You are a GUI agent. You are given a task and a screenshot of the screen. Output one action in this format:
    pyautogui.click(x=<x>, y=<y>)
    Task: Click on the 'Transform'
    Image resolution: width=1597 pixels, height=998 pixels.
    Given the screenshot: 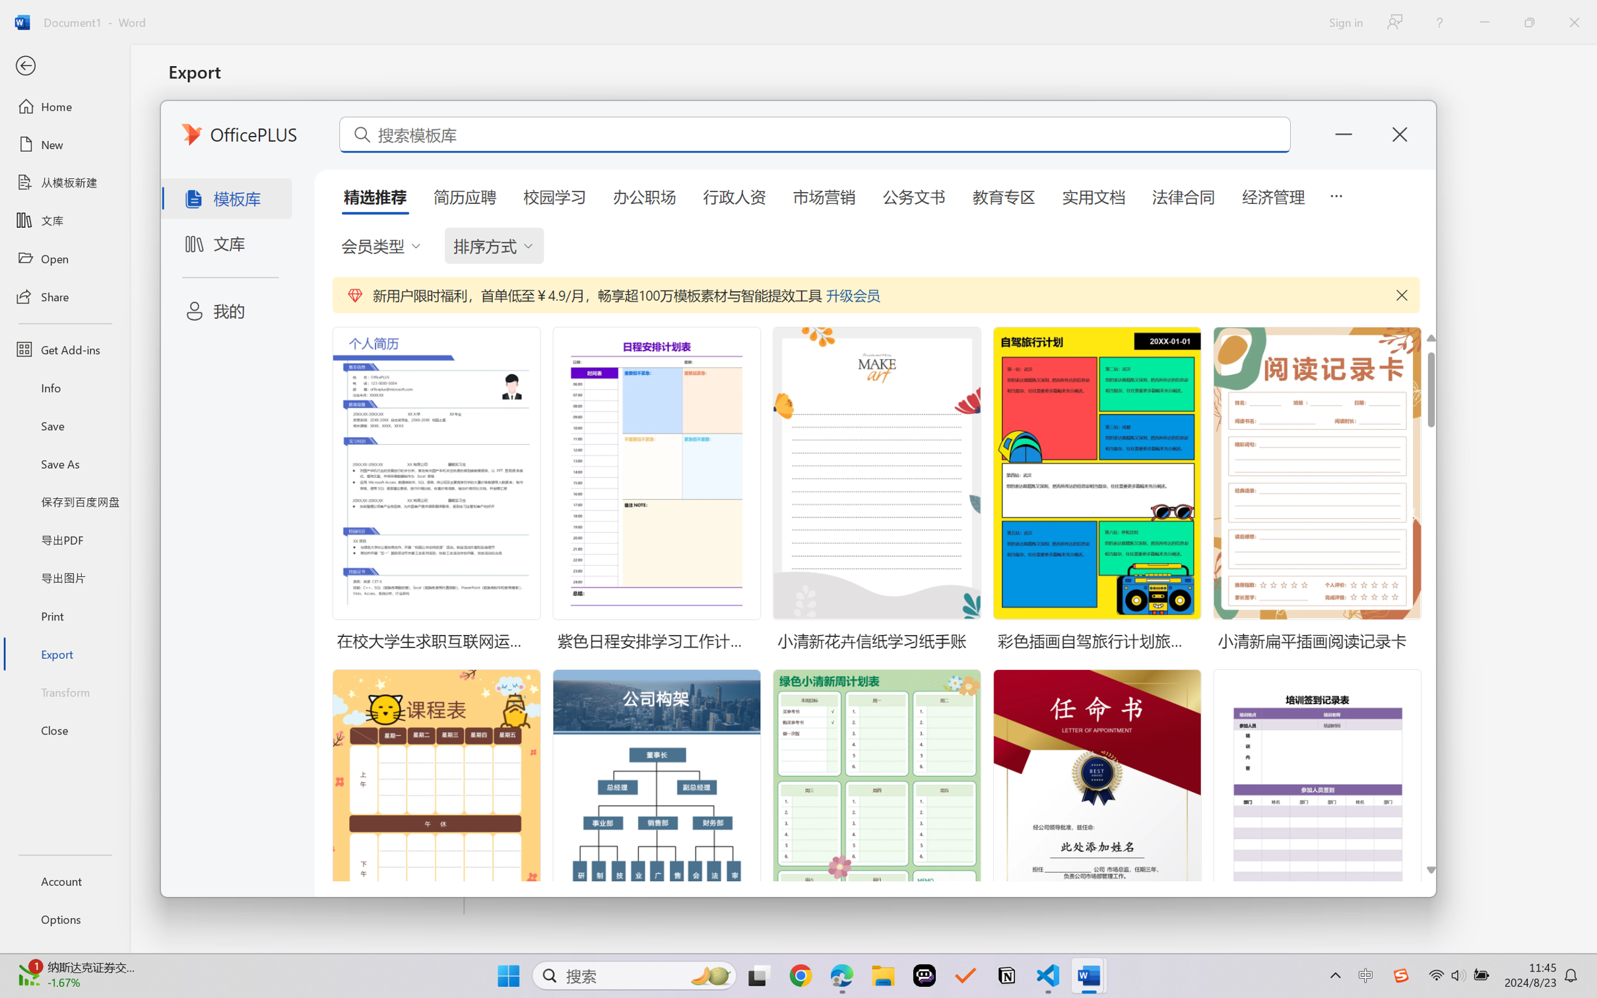 What is the action you would take?
    pyautogui.click(x=64, y=690)
    